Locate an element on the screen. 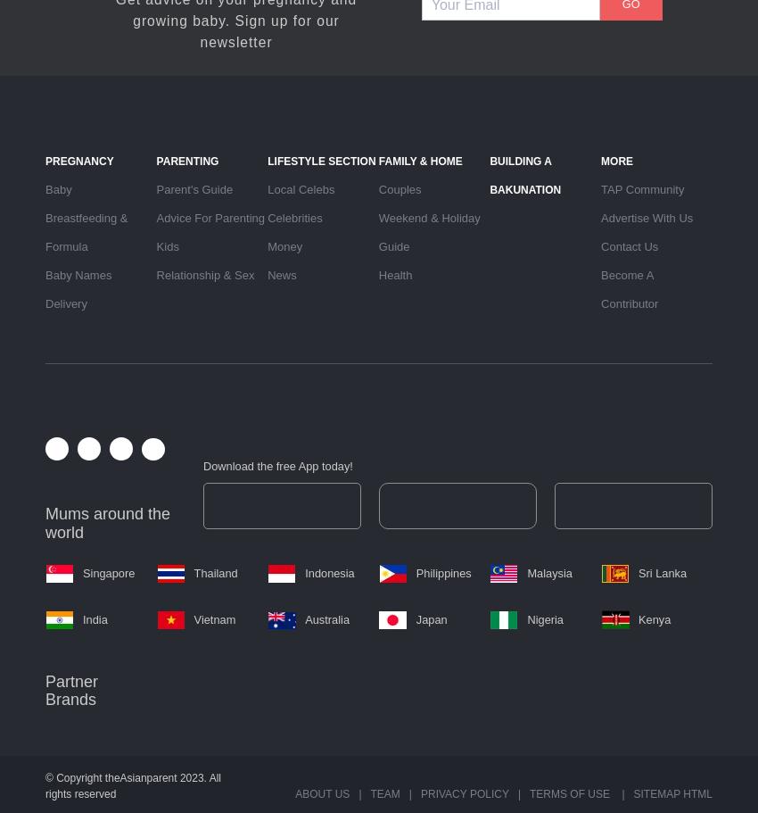  'I’m still your number one cheerleader and even more now that we’re married and I’ve seen the kind of man you are, before kasi I only saw you as my boyfriend who was becoming my husband, now I see the kind of husband that you are, the kind of father that you are, and how loving and responsible you are and leading your family to love and to know the Lord so because of that, because of your dedication and love to God, it is easy for me to submit because I trust you because you have trust for God. I love you so much.”' is located at coordinates (221, 295).